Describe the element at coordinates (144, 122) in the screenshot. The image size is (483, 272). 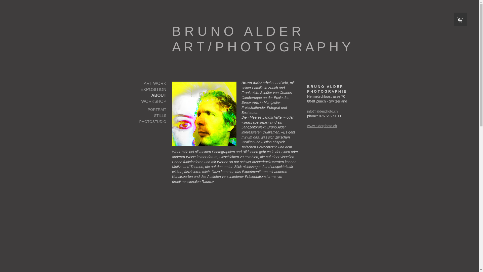
I see `'PHOTOSTUDIO'` at that location.